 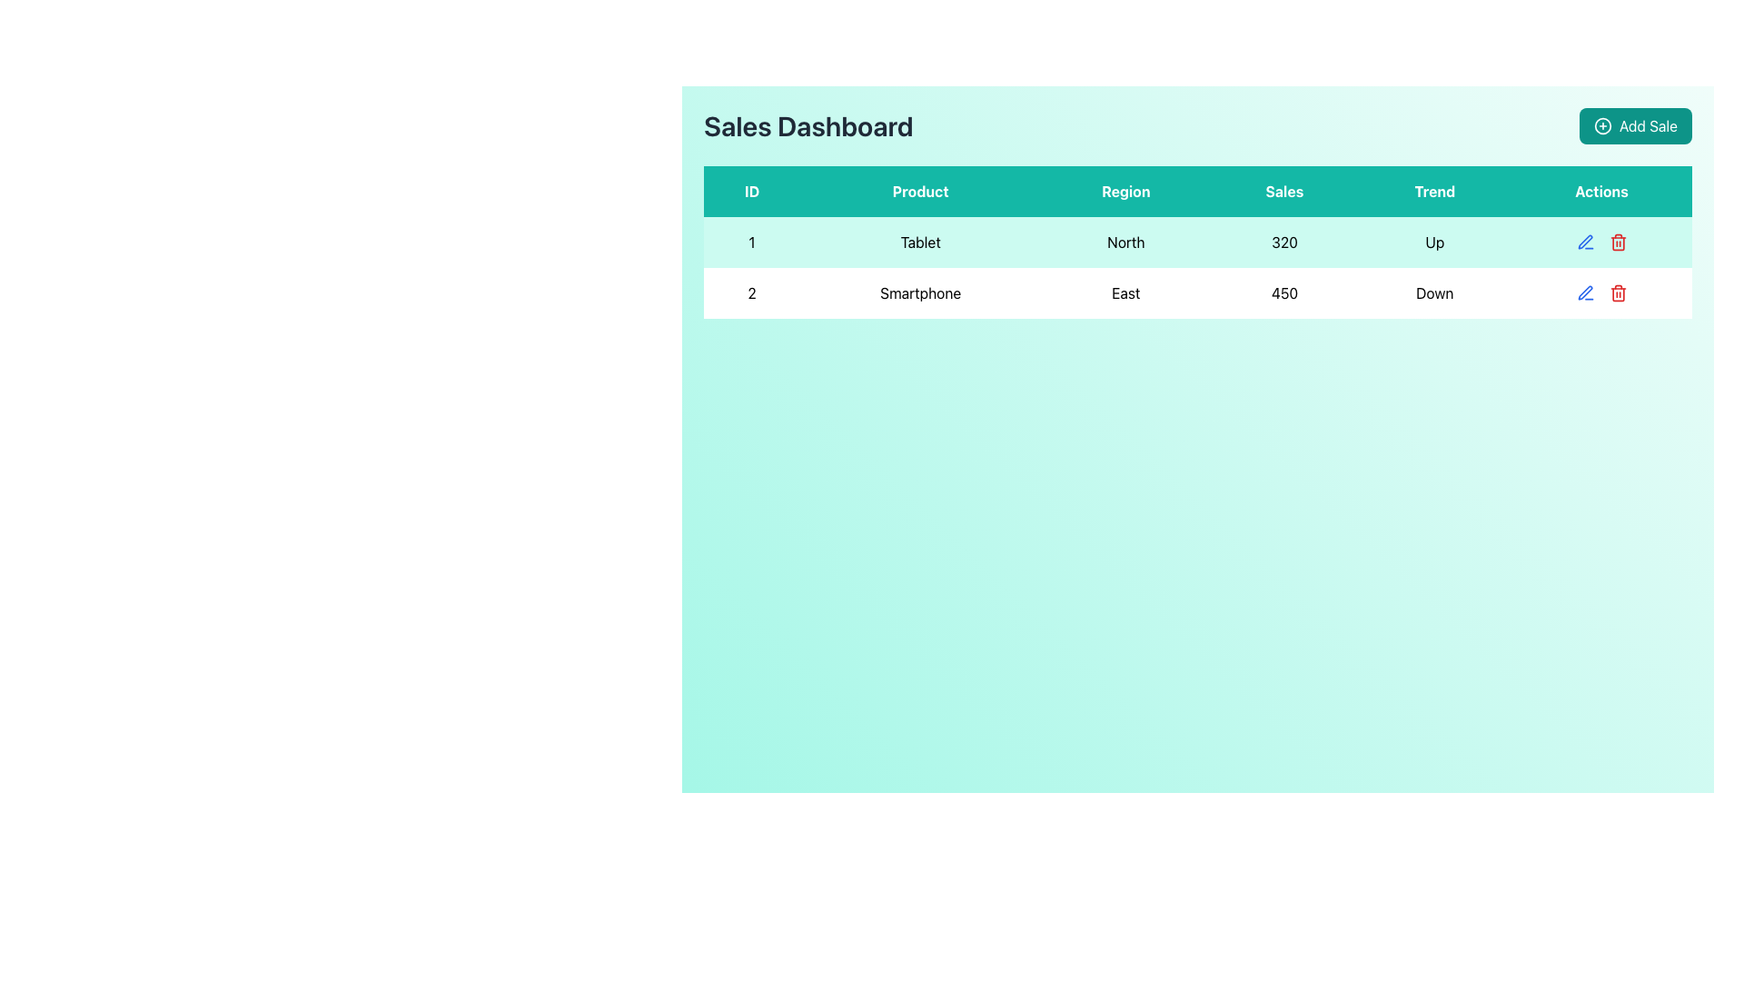 What do you see at coordinates (1125, 192) in the screenshot?
I see `the text header labeled 'Region' which has a teal background and white text, positioned between 'Product' and 'Sales' in the header section of the table` at bounding box center [1125, 192].